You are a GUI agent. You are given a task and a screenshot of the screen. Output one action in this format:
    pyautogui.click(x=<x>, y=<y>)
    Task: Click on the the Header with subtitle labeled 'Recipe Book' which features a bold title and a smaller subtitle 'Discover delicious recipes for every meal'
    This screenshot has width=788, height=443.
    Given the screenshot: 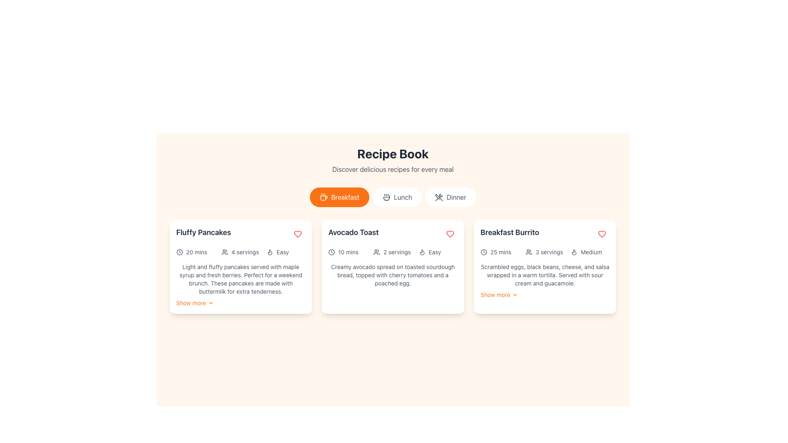 What is the action you would take?
    pyautogui.click(x=392, y=160)
    